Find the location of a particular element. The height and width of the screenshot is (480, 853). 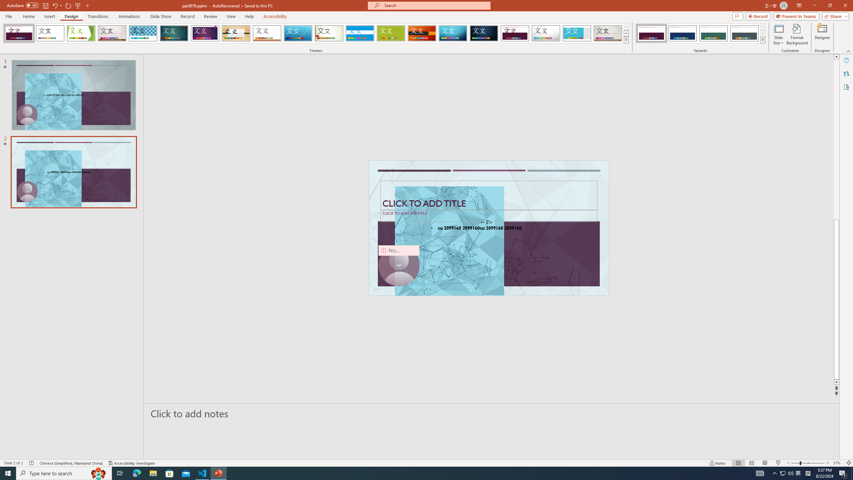

'Ion' is located at coordinates (174, 33).